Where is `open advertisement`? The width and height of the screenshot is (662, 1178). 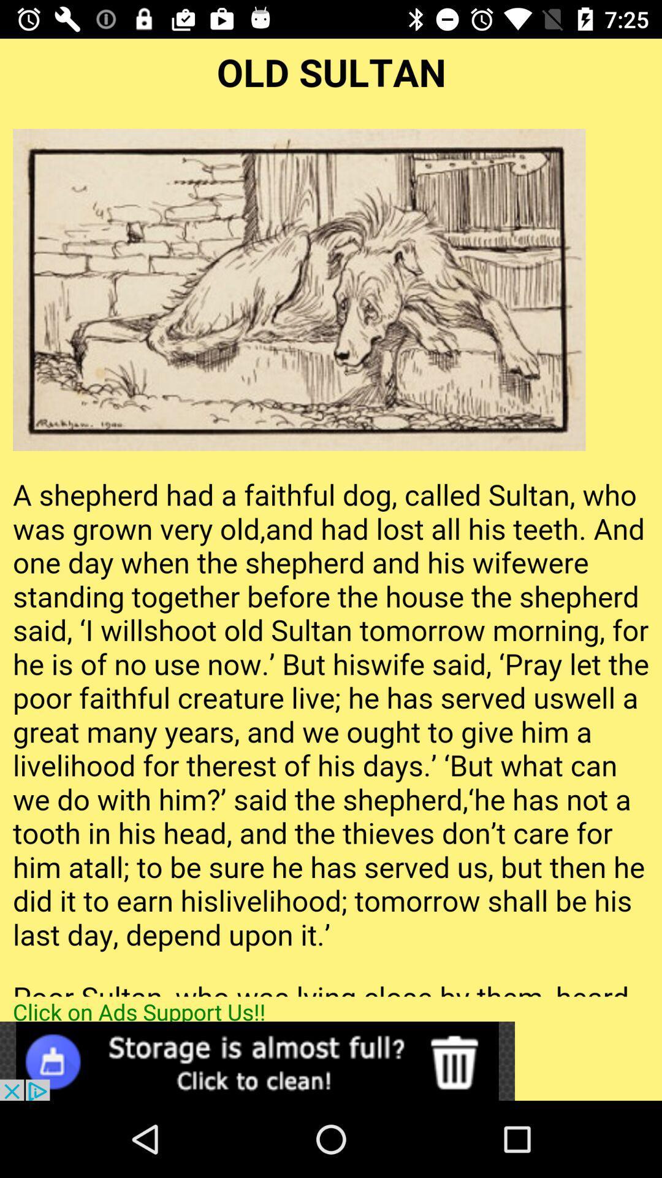
open advertisement is located at coordinates (257, 1060).